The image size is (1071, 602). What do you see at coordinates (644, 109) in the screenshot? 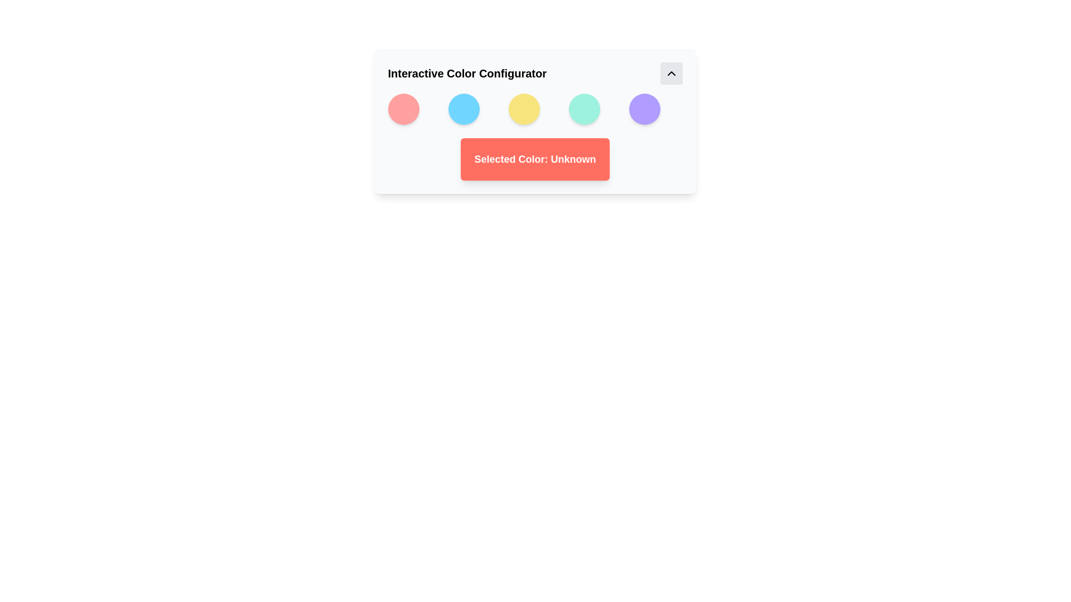
I see `the fifth circular button with a lavender background to observe the scale effect` at bounding box center [644, 109].